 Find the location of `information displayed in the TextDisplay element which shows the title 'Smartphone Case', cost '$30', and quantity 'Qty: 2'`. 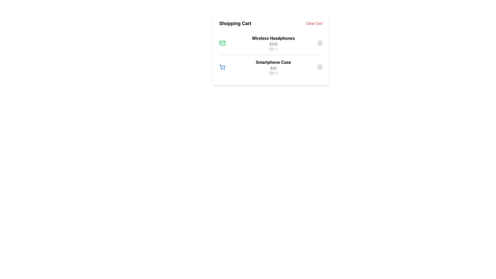

information displayed in the TextDisplay element which shows the title 'Smartphone Case', cost '$30', and quantity 'Qty: 2' is located at coordinates (273, 67).